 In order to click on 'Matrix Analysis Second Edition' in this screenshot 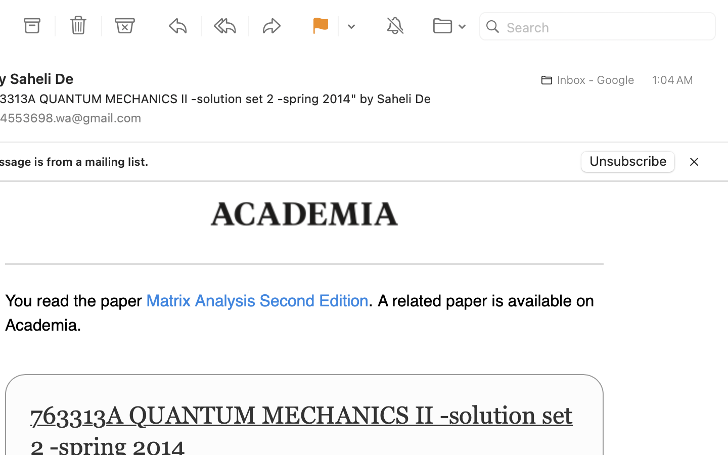, I will do `click(257, 301)`.